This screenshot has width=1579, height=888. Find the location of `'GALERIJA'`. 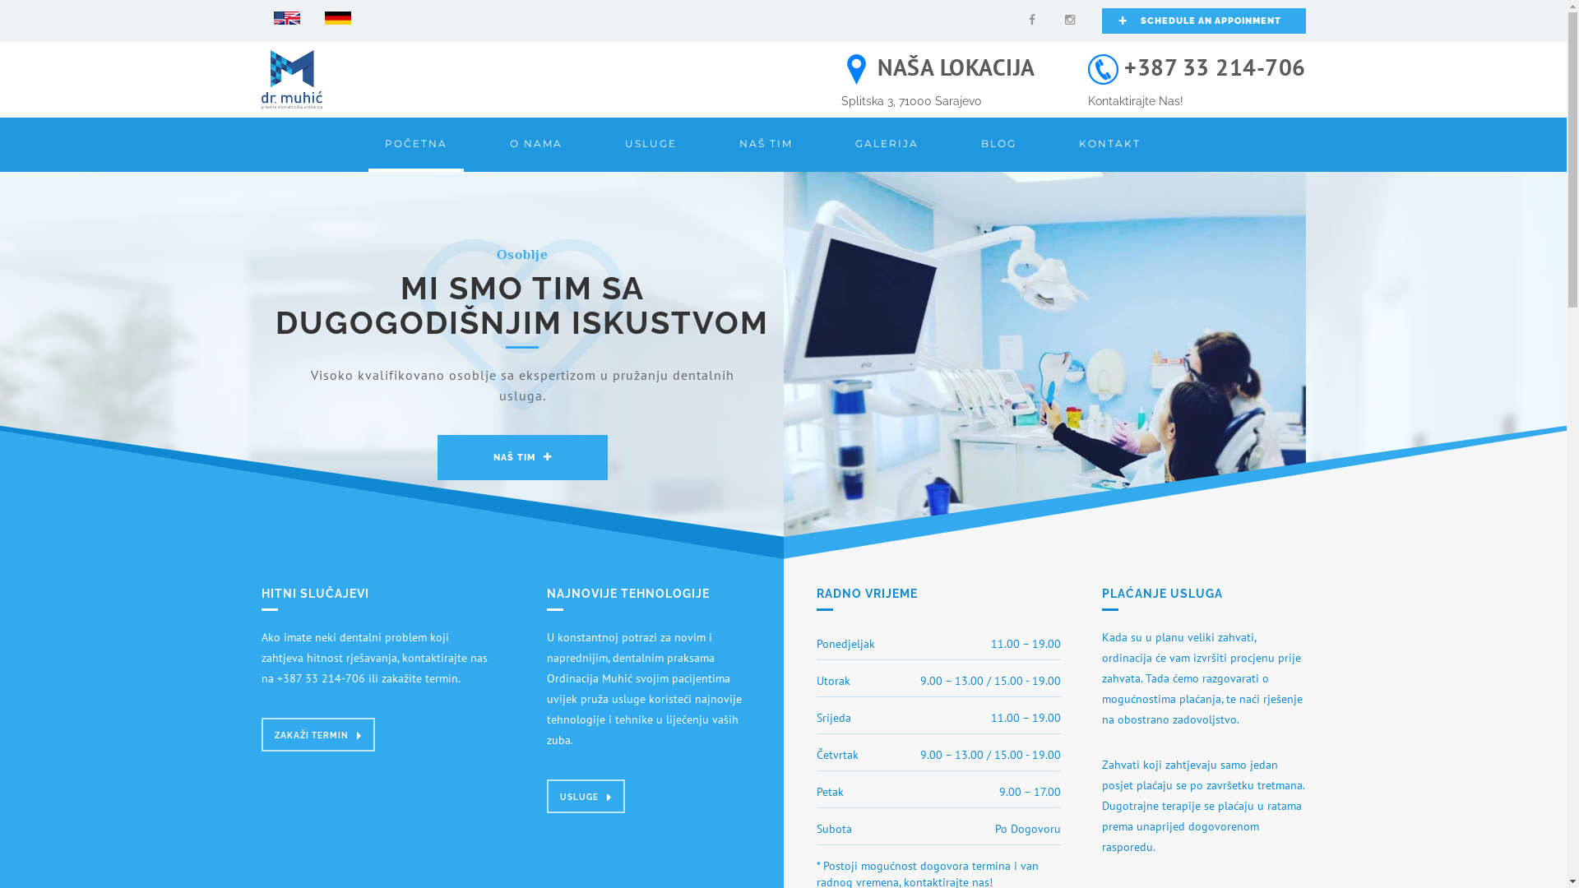

'GALERIJA' is located at coordinates (886, 144).